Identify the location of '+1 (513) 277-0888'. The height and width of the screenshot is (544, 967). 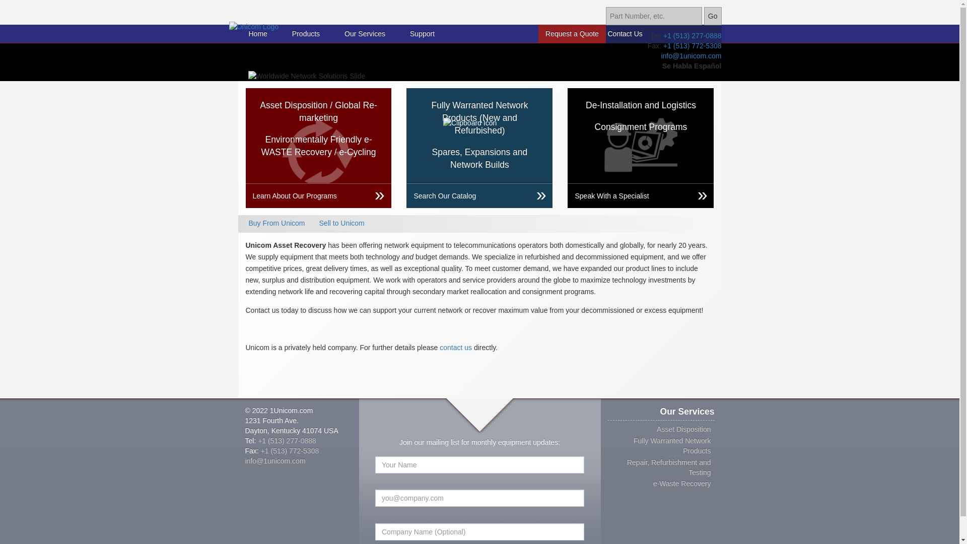
(287, 440).